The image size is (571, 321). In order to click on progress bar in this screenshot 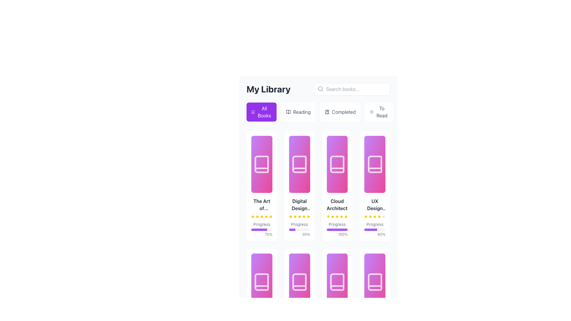, I will do `click(254, 229)`.